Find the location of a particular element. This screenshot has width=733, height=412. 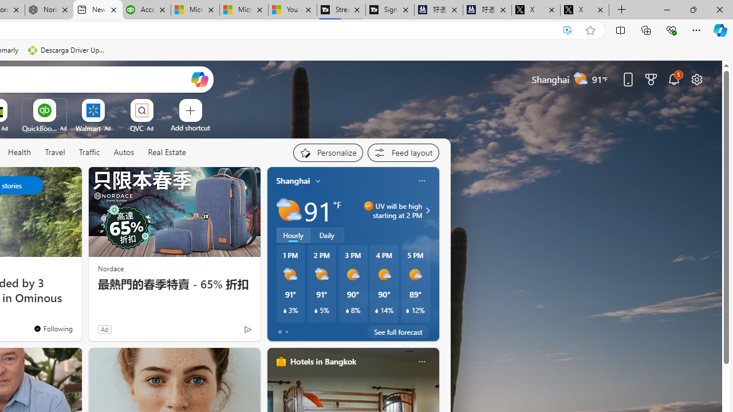

'Personalize your feed"' is located at coordinates (327, 152).